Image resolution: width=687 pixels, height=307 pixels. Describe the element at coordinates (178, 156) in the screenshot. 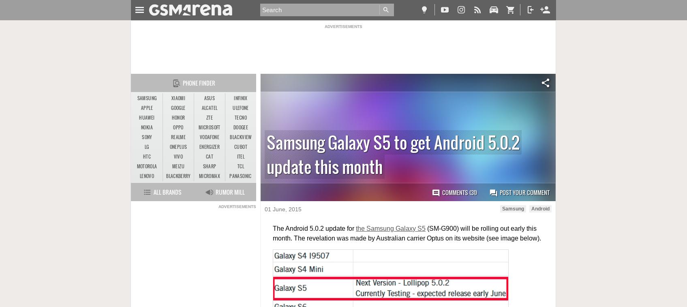

I see `'vivo'` at that location.